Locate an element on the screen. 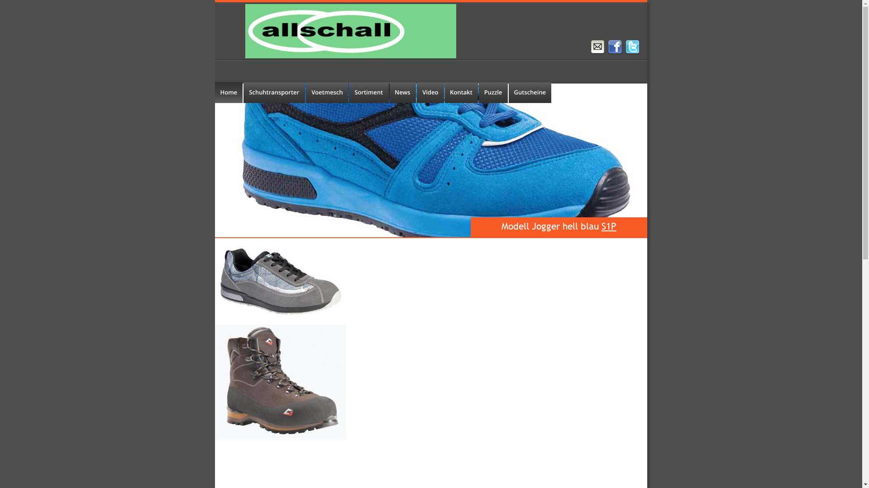 The height and width of the screenshot is (488, 869). 'S1P' is located at coordinates (609, 225).